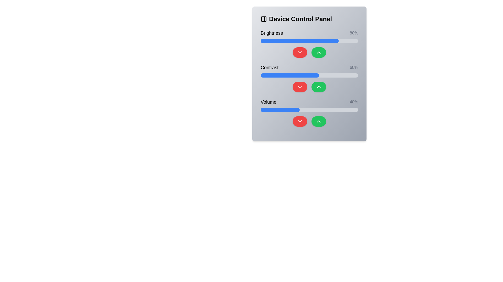 The image size is (503, 282). Describe the element at coordinates (319, 52) in the screenshot. I see `the rightmost button under the 'Brightness' label` at that location.